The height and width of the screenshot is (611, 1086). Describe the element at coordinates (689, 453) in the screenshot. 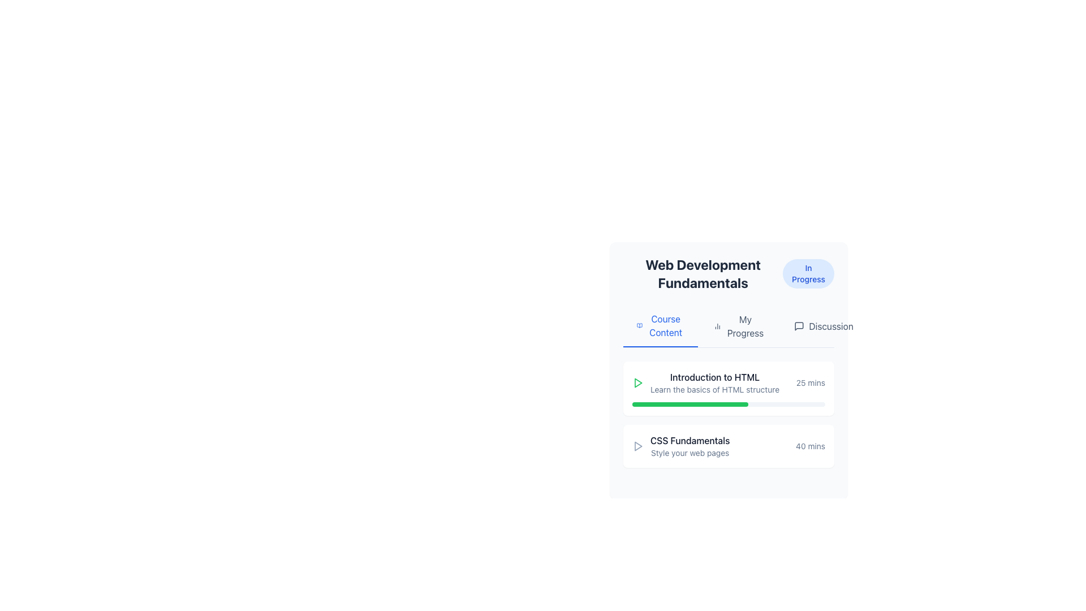

I see `the small text label displaying 'Style your web pages' located below the title 'CSS Fundamentals' in the card-like UI layout` at that location.